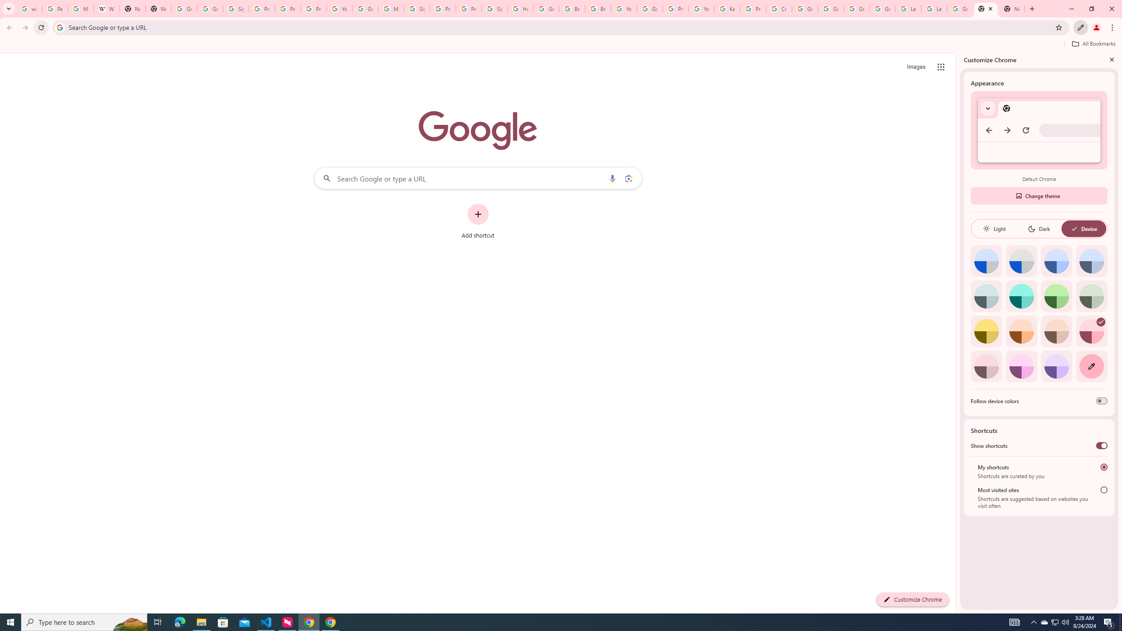 The image size is (1122, 631). What do you see at coordinates (830, 8) in the screenshot?
I see `'Google Account Help'` at bounding box center [830, 8].